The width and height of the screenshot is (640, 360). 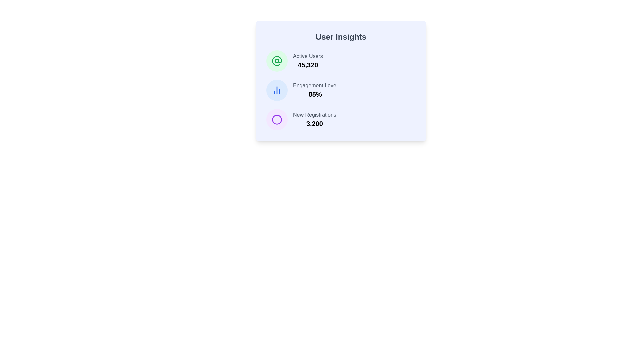 What do you see at coordinates (314, 123) in the screenshot?
I see `value displayed as '3,200' in bold text located in the bottom-right quadrant of the 'User Insights' panel, following the label 'New Registrations'` at bounding box center [314, 123].